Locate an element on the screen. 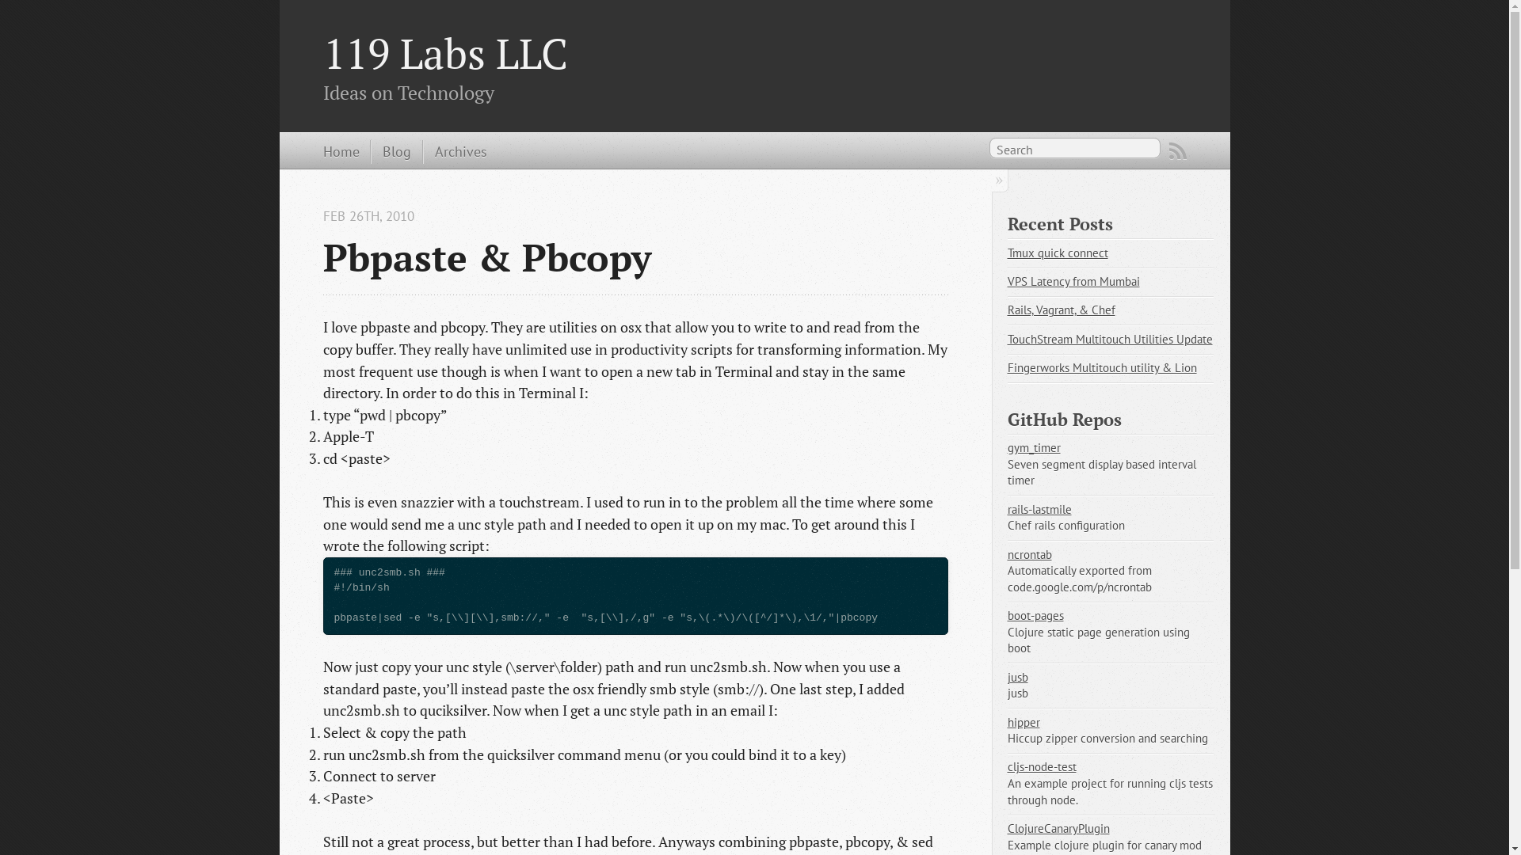 The width and height of the screenshot is (1521, 855). 'ncrontab' is located at coordinates (1007, 553).